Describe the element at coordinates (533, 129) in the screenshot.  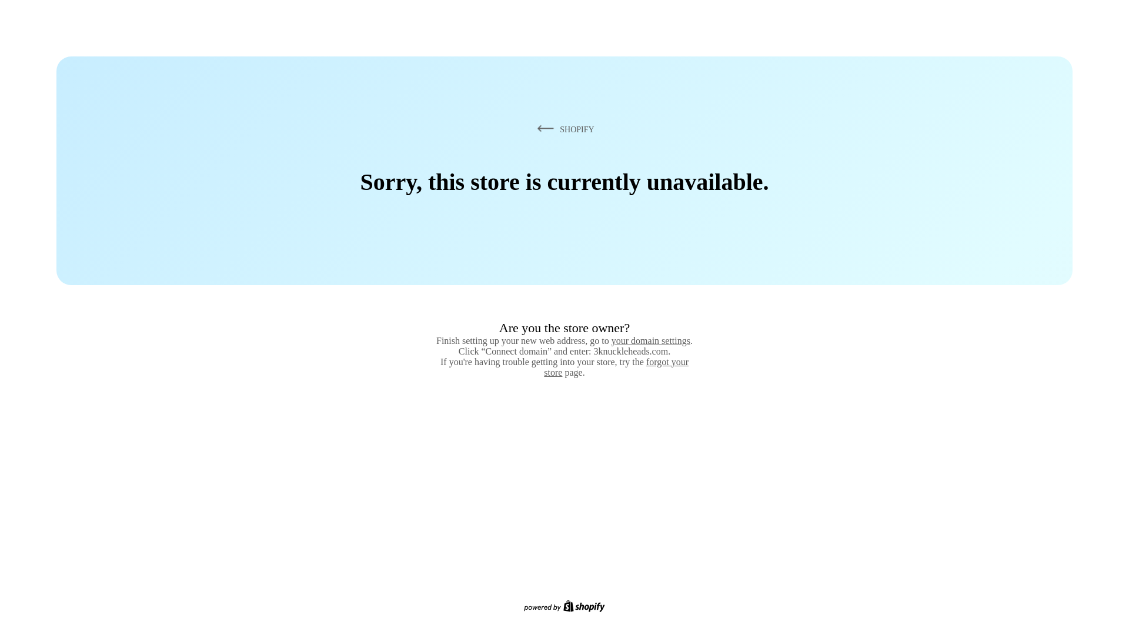
I see `'SHOPIFY'` at that location.